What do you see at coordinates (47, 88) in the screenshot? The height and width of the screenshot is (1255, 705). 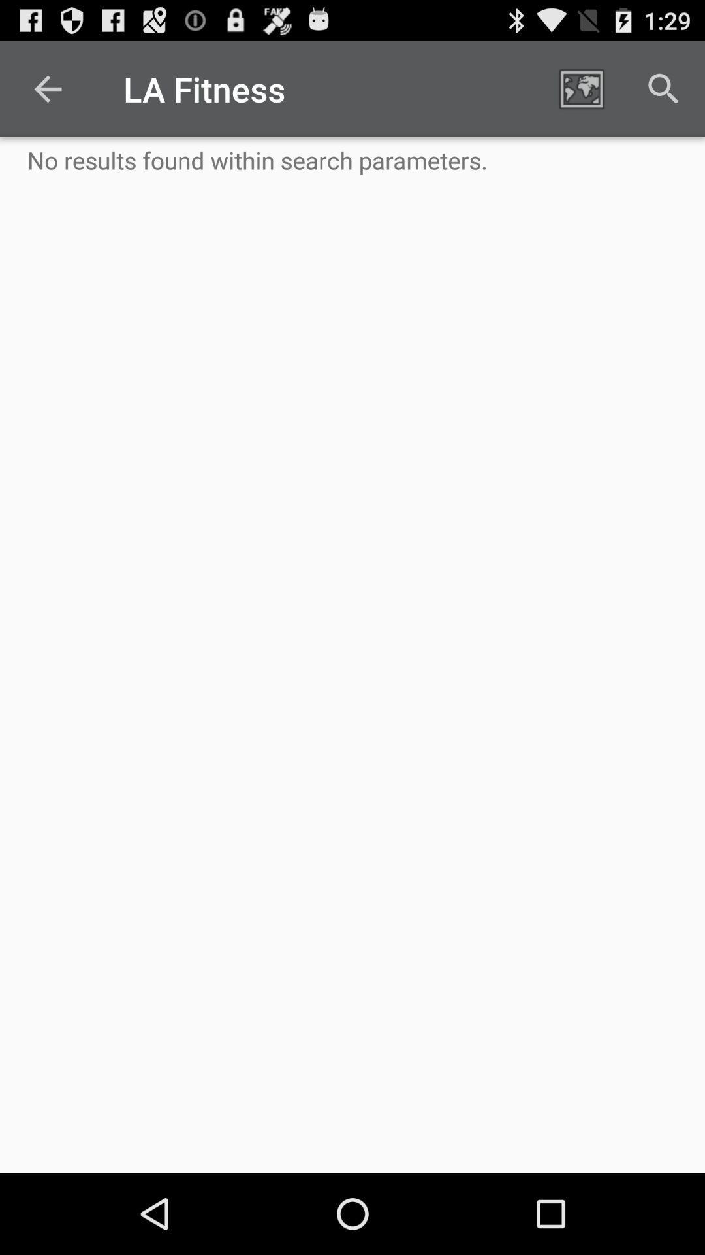 I see `the icon to the left of la fitness icon` at bounding box center [47, 88].